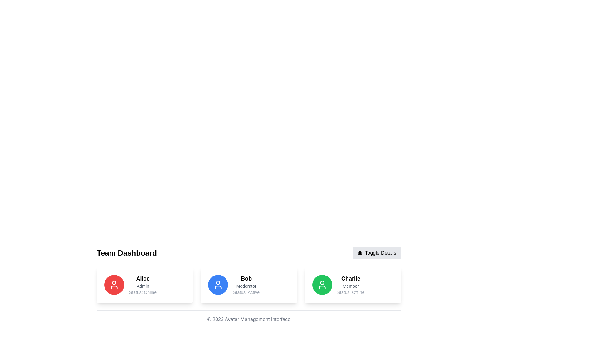 This screenshot has height=337, width=599. Describe the element at coordinates (246, 292) in the screenshot. I see `the text label indicating the current status of 'Bob', which shows 'Active', located under the header 'Bob' and below the title 'Moderator'` at that location.